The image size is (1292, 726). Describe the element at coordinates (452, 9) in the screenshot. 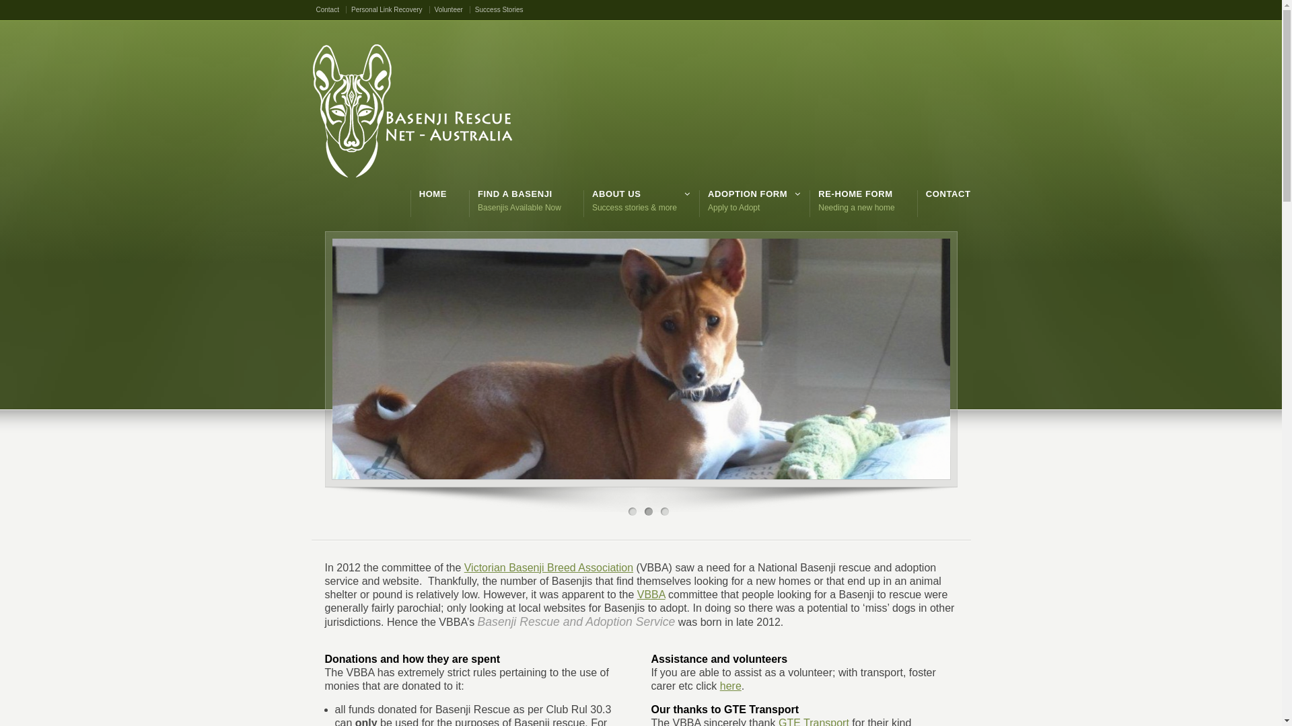

I see `'Volunteer'` at that location.